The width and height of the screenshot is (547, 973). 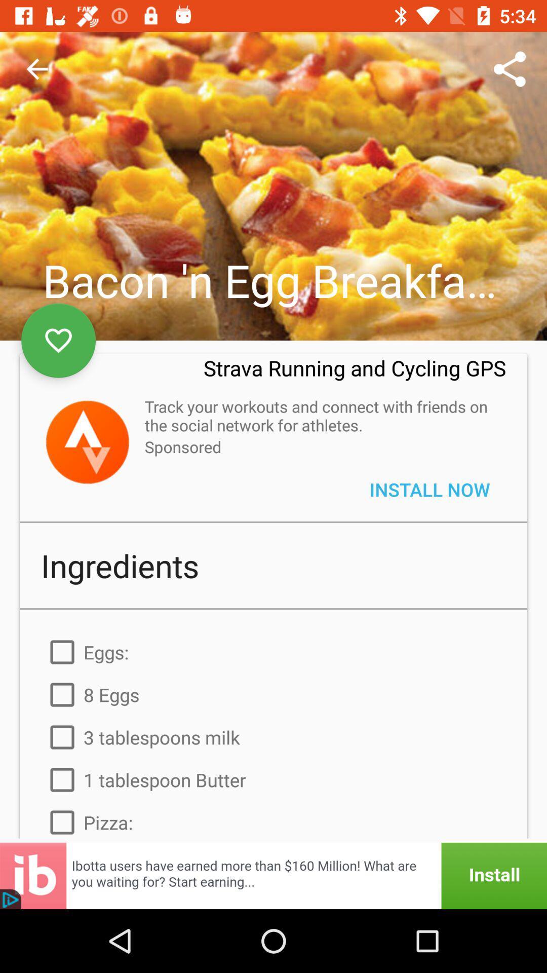 I want to click on the 8 eggs icon, so click(x=273, y=694).